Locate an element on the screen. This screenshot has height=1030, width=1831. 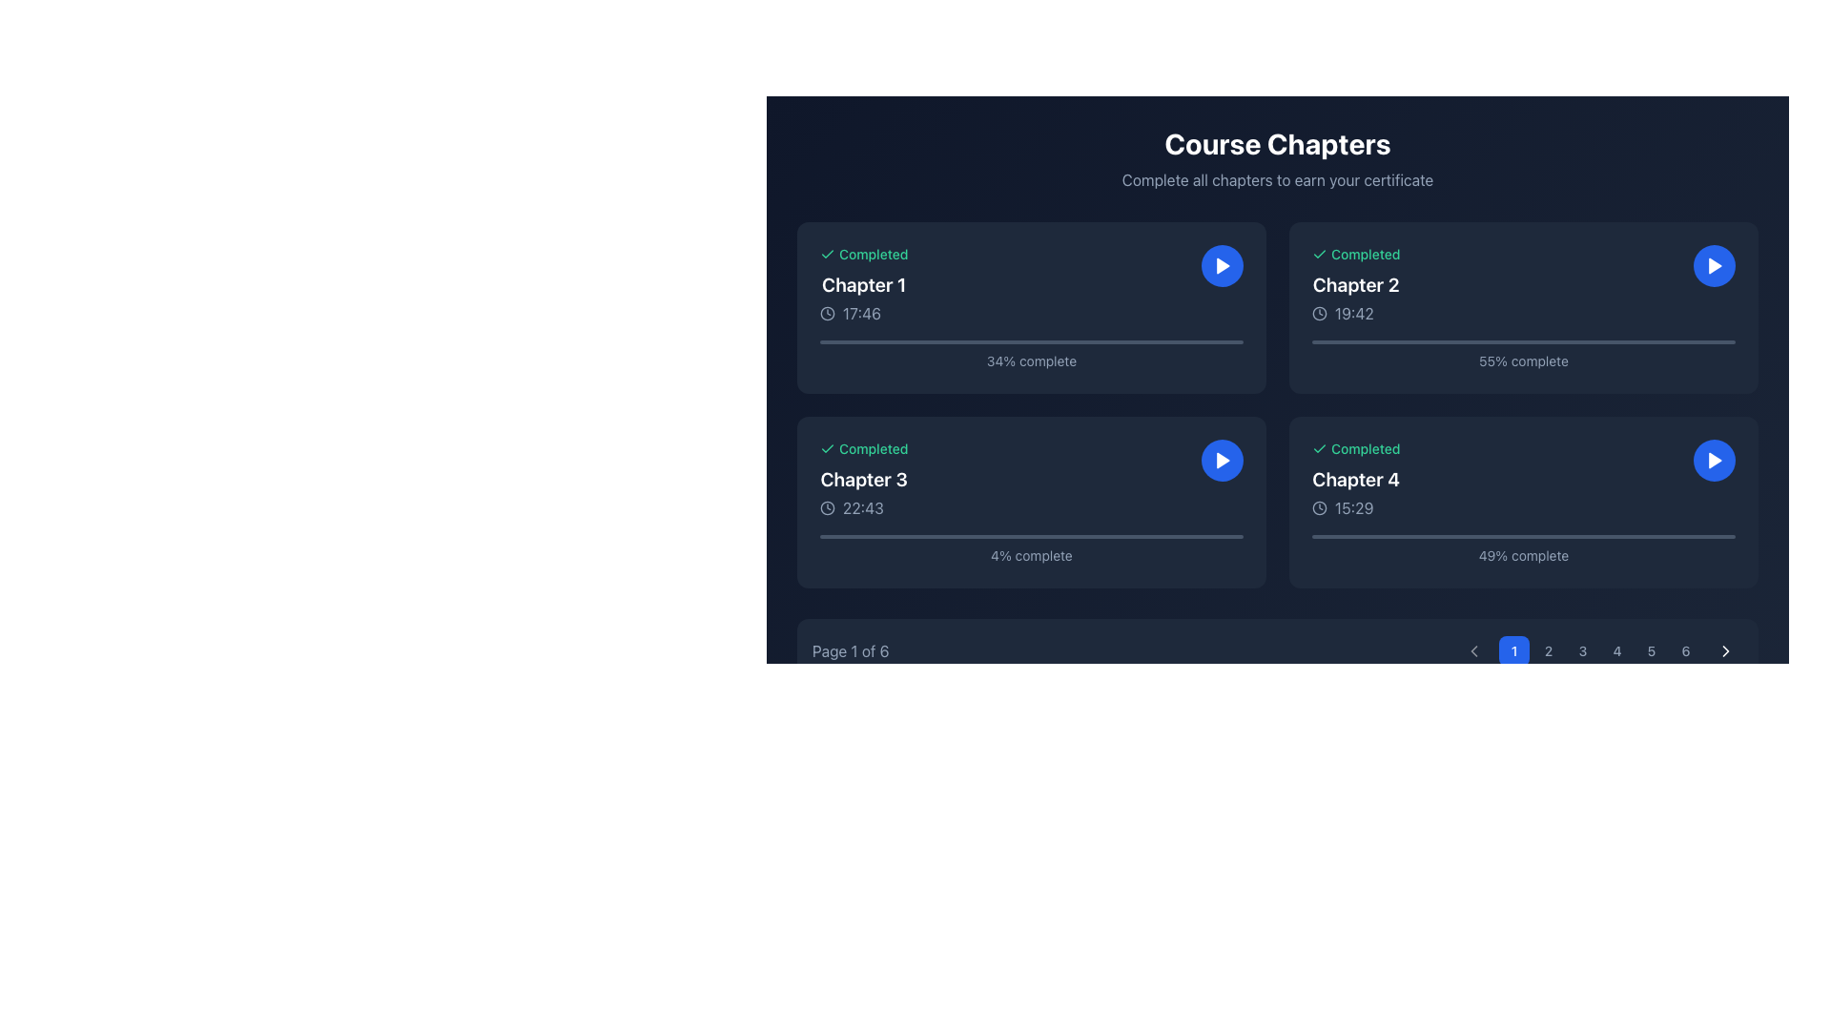
the circular clock icon element that is part of Chapter 4's content card, located in the middle left portion near the chapter's time duration is located at coordinates (1318, 506).